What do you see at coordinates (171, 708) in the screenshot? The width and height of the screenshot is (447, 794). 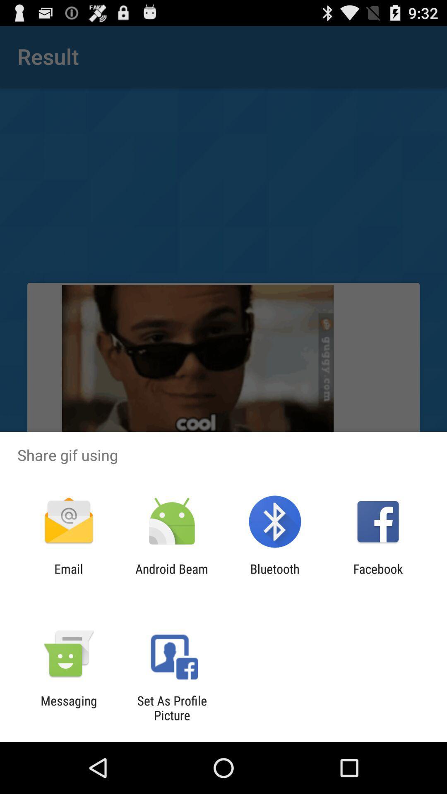 I see `the set as profile app` at bounding box center [171, 708].